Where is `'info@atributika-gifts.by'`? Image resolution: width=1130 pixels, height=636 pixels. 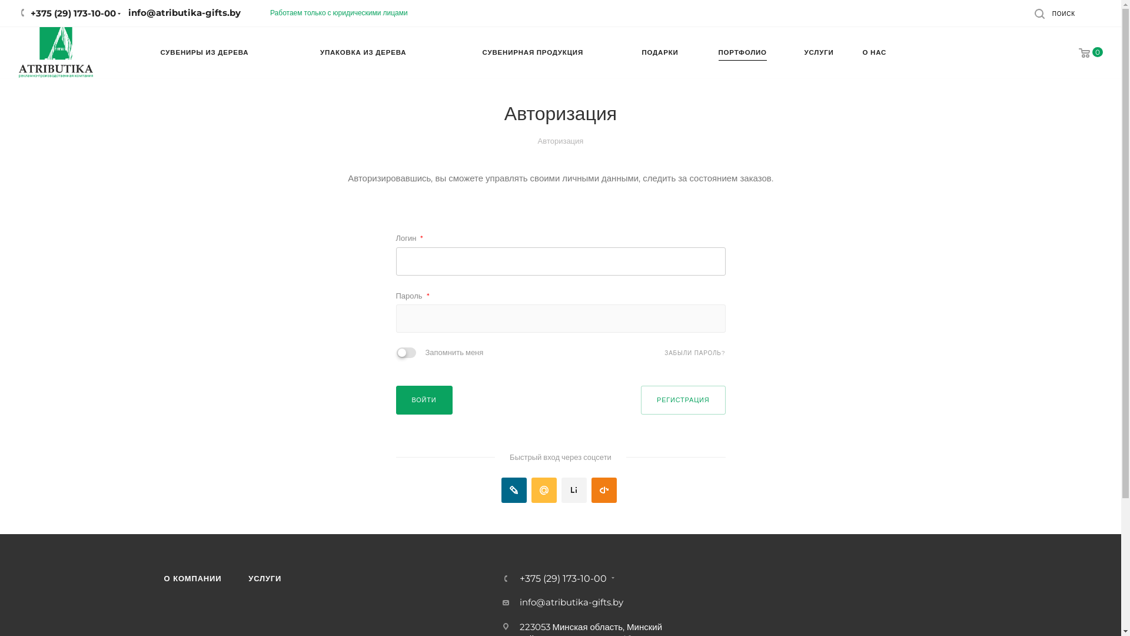 'info@atributika-gifts.by' is located at coordinates (570, 602).